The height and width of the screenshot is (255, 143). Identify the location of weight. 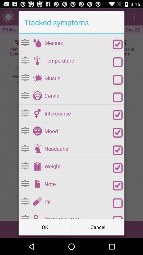
(37, 166).